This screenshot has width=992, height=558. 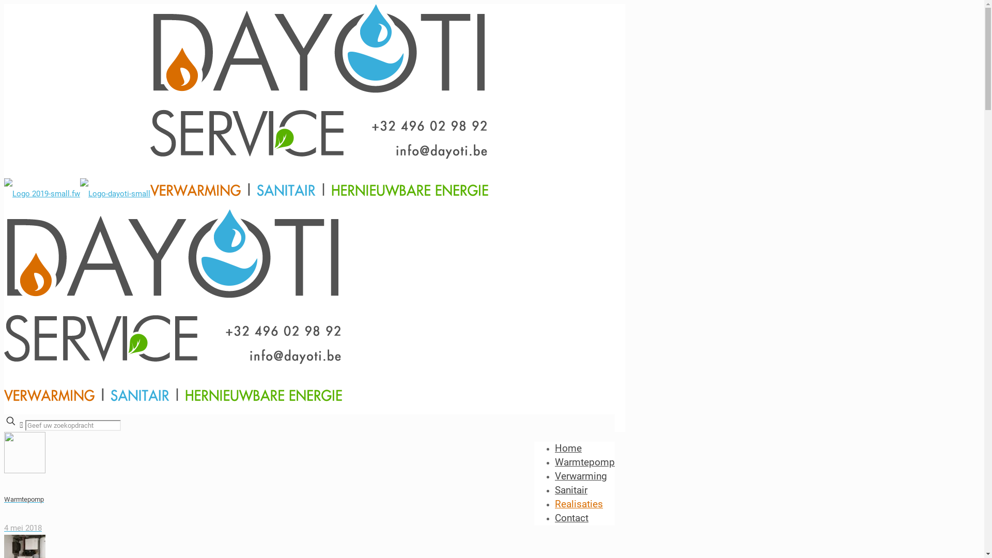 What do you see at coordinates (245, 296) in the screenshot?
I see `'Dayoti'` at bounding box center [245, 296].